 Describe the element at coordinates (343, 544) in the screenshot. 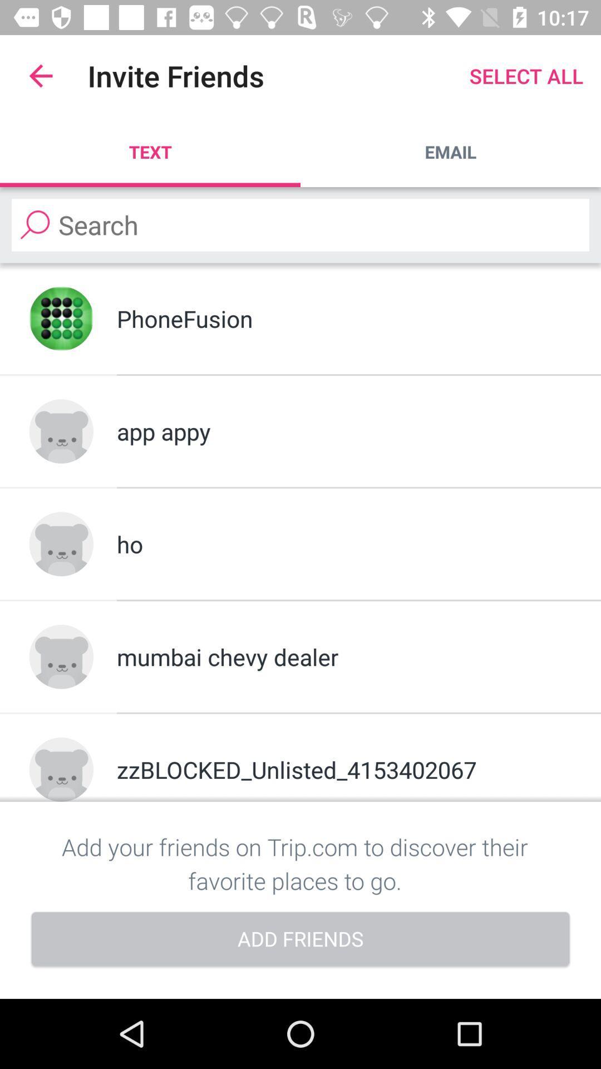

I see `icon above mumbai chevy dealer item` at that location.